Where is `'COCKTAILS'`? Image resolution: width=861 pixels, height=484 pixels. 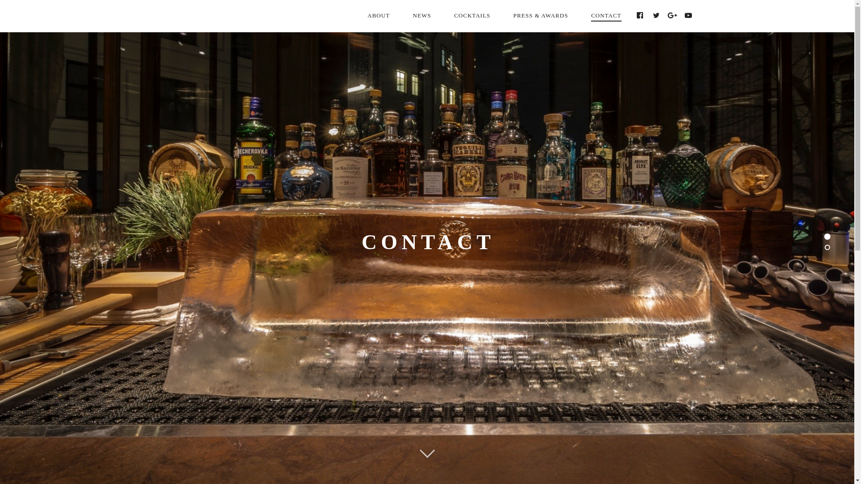
'COCKTAILS' is located at coordinates (443, 15).